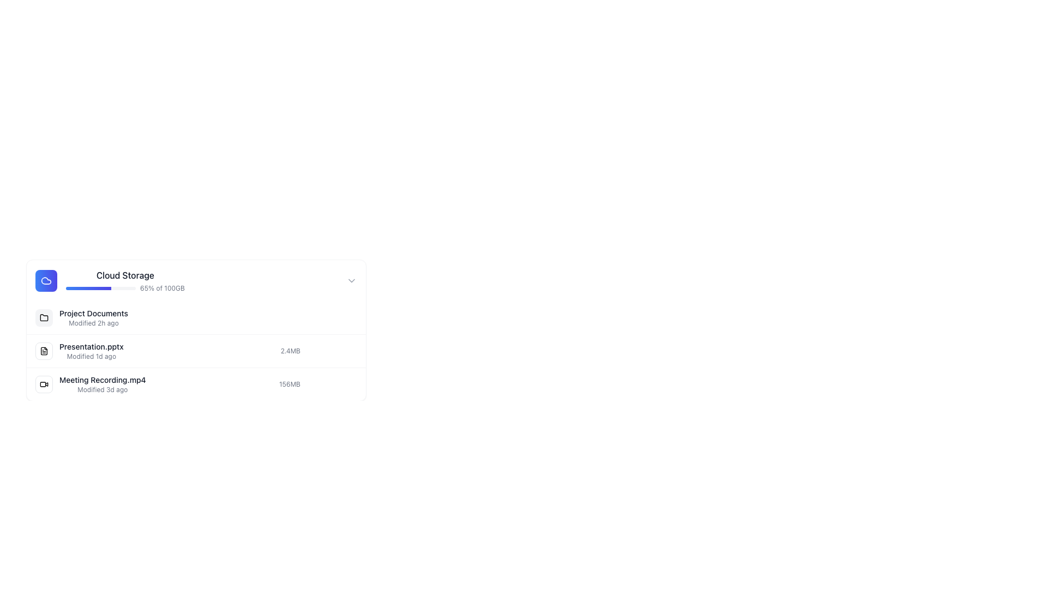 This screenshot has height=589, width=1047. What do you see at coordinates (91, 357) in the screenshot?
I see `the static text label displaying 'Modified 1d ago', which is located beneath the 'Presentation.pptx' file name in the file list interface` at bounding box center [91, 357].